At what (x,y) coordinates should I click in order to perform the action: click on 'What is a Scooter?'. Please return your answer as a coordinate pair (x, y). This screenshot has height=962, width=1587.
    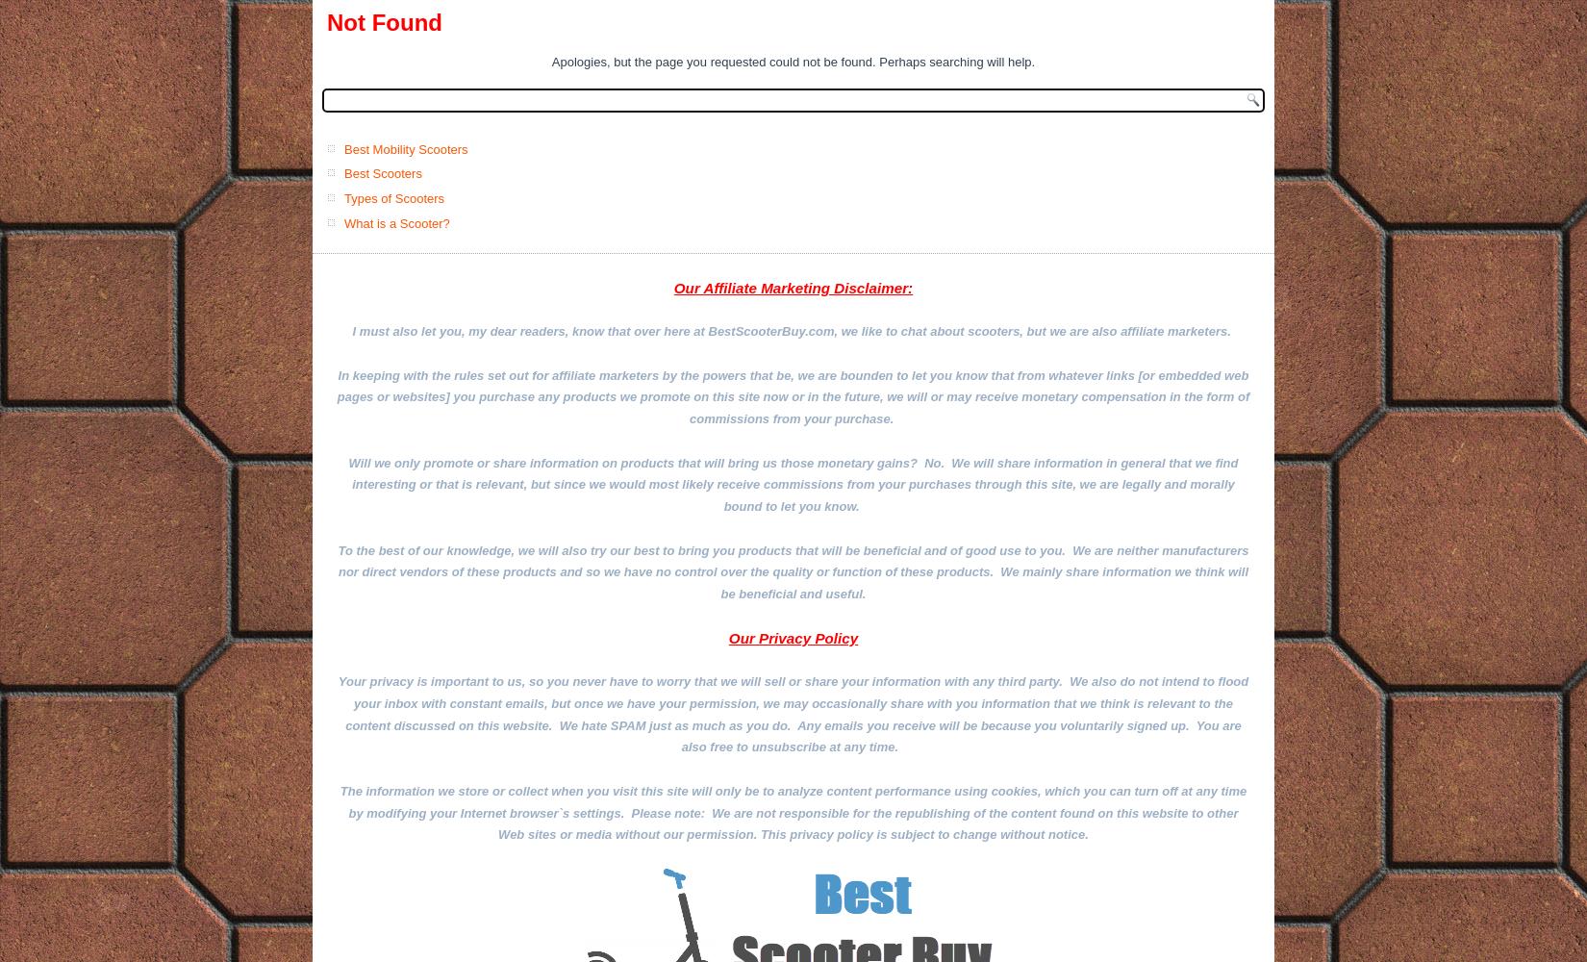
    Looking at the image, I should click on (396, 221).